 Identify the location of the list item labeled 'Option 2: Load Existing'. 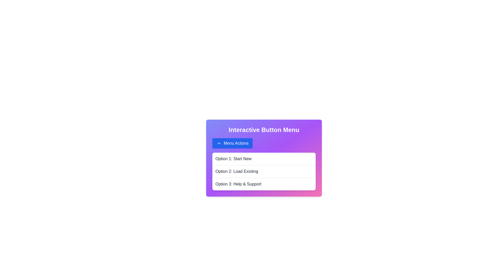
(264, 171).